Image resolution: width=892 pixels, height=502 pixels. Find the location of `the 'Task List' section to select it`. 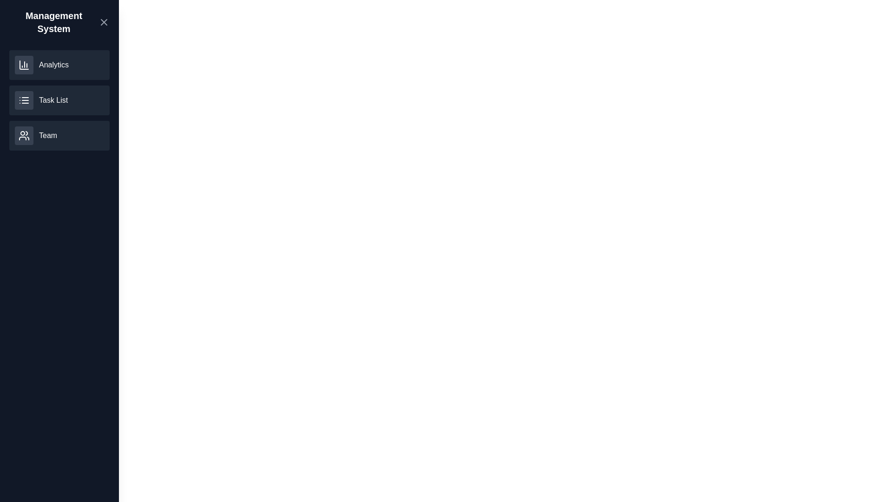

the 'Task List' section to select it is located at coordinates (59, 100).